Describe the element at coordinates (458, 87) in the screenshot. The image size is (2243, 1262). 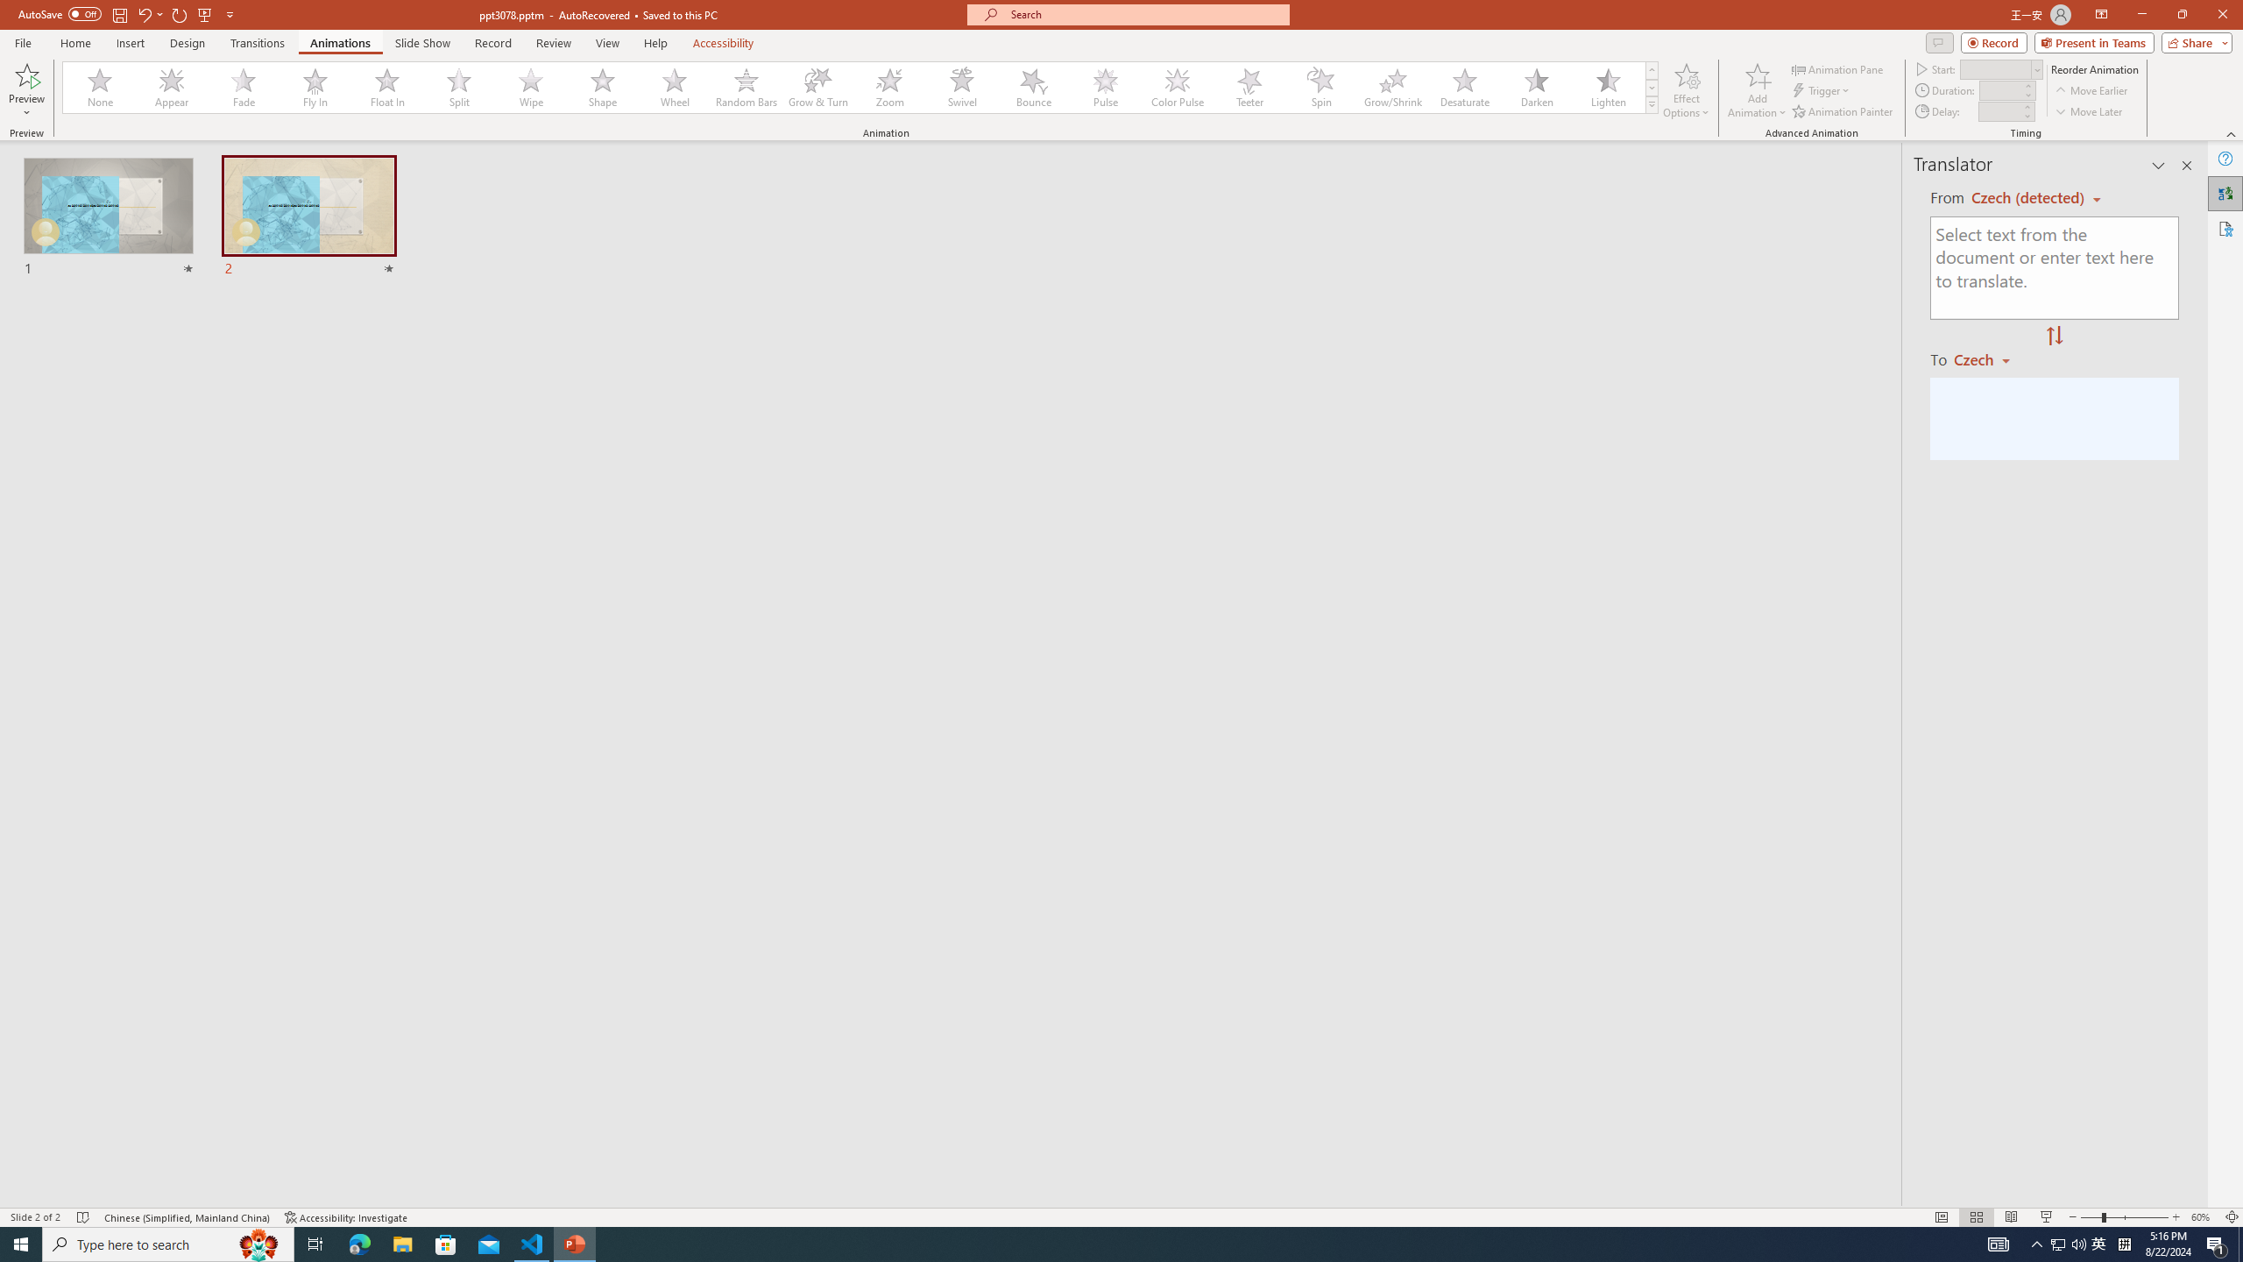
I see `'Split'` at that location.